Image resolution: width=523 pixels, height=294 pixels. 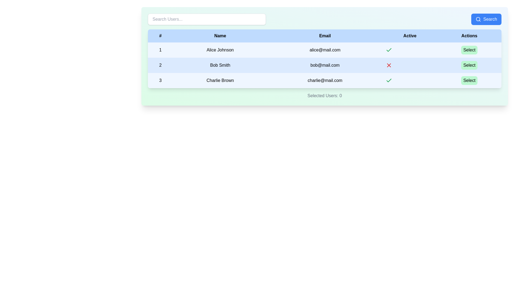 I want to click on the text label displaying 'Charlie Brown' located in the third row and second column of the table, so click(x=220, y=81).